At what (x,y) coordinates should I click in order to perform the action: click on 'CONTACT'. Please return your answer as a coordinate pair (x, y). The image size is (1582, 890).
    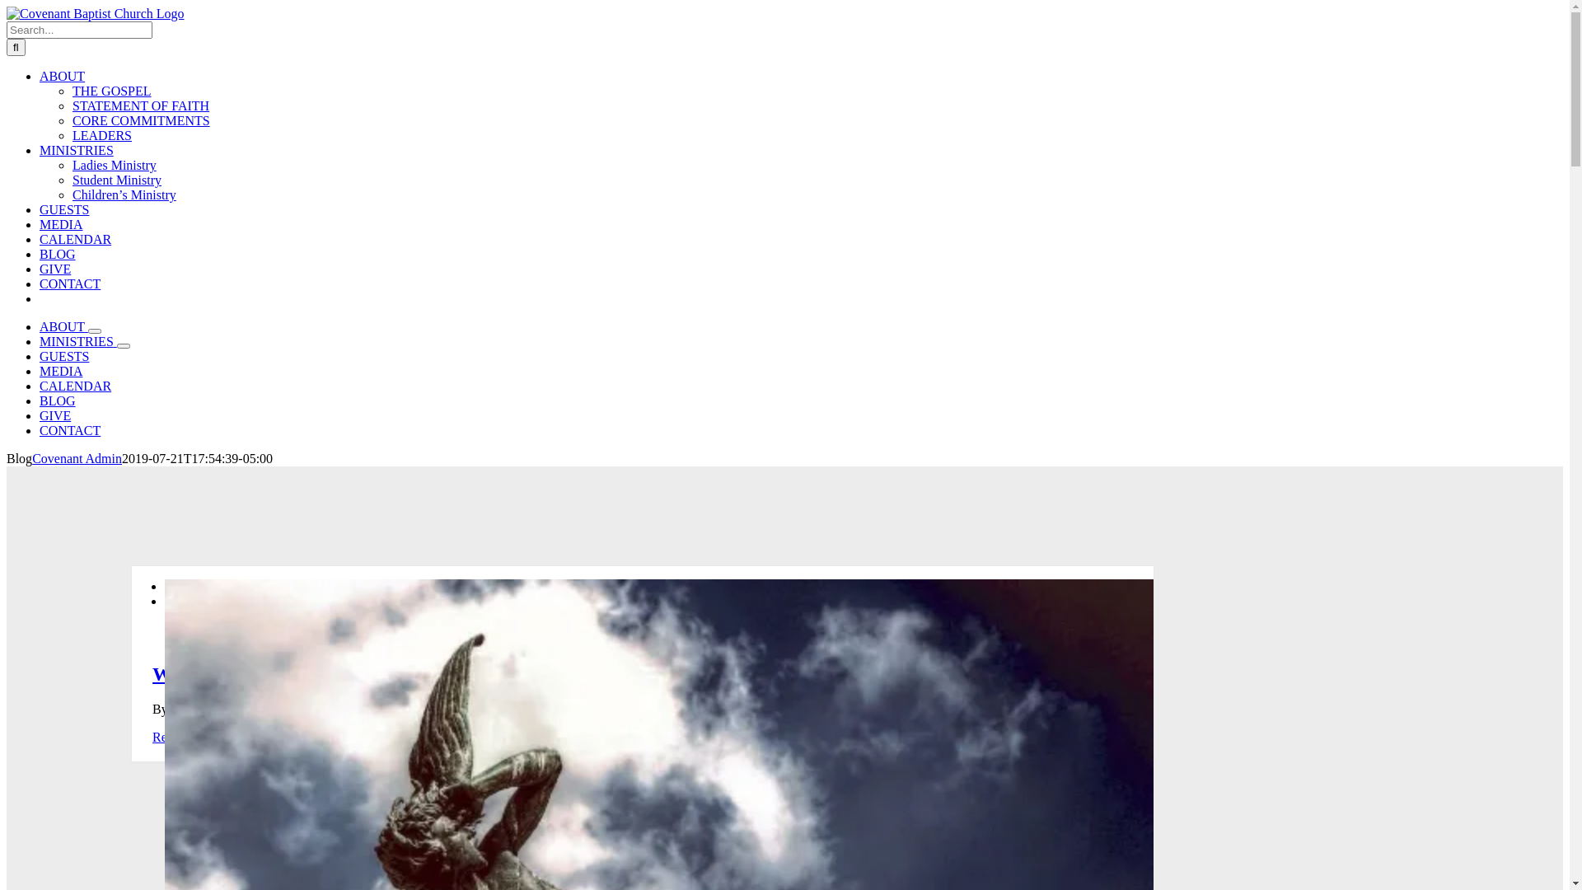
    Looking at the image, I should click on (69, 429).